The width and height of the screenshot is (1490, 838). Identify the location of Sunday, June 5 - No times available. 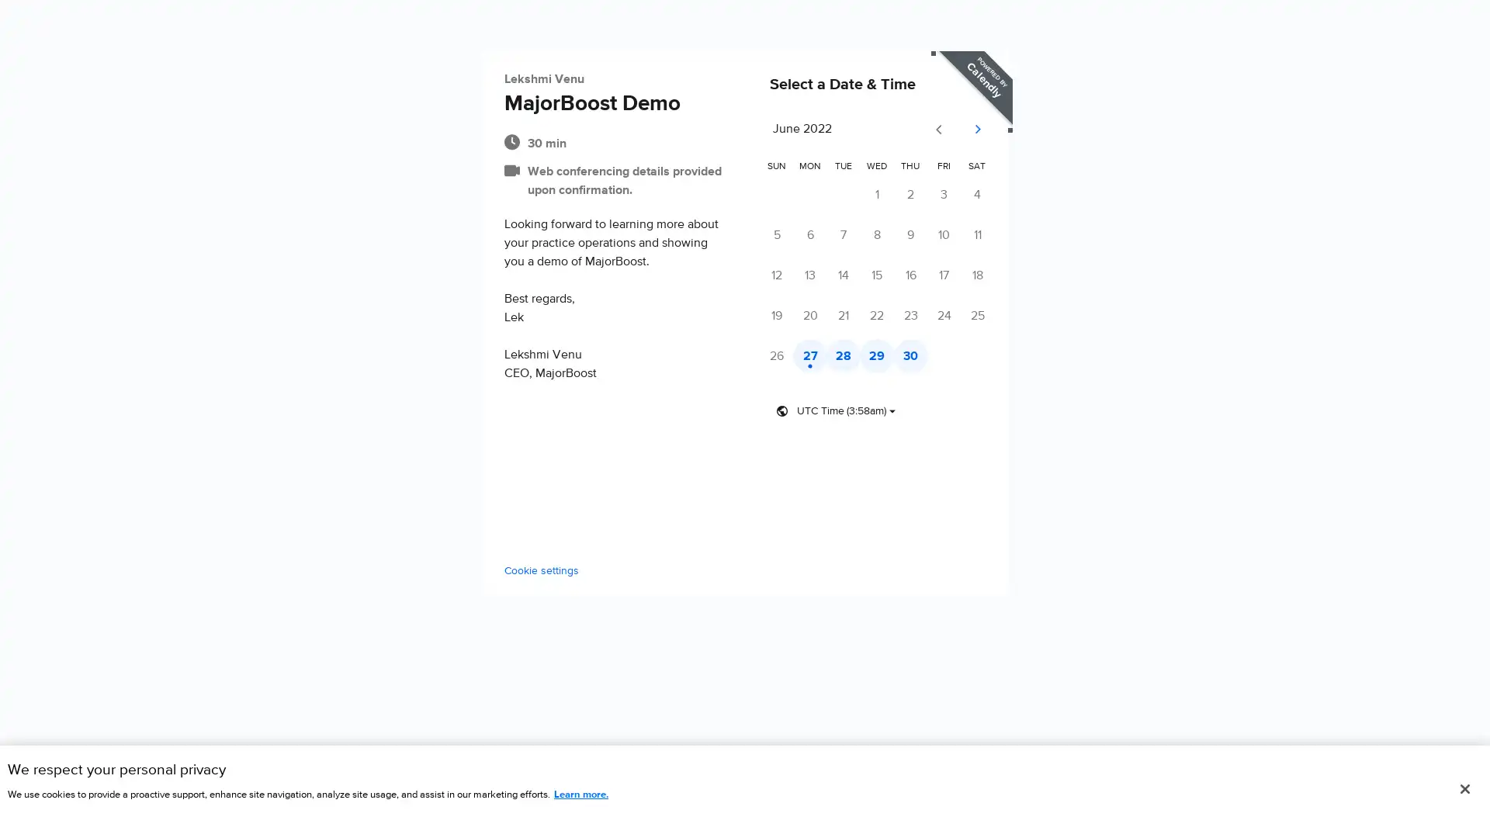
(778, 236).